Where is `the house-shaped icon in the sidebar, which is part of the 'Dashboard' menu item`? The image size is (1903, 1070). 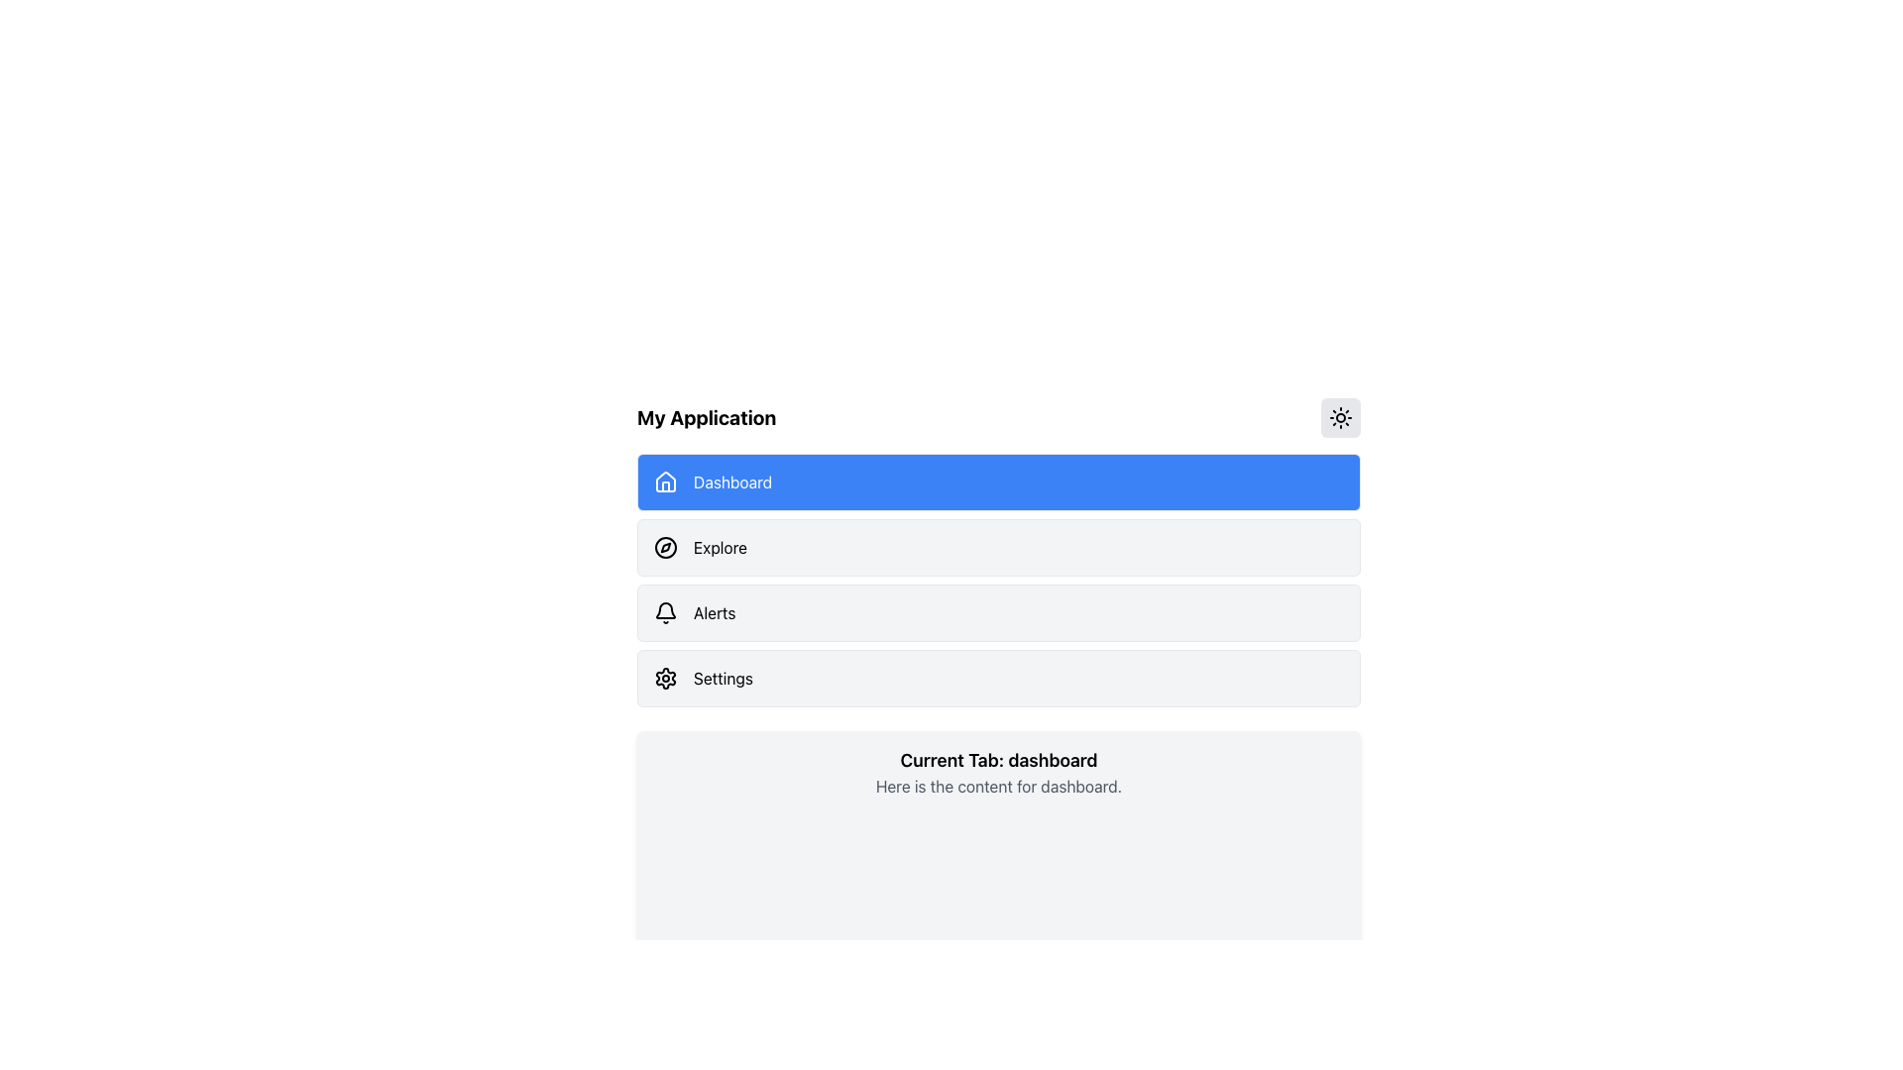 the house-shaped icon in the sidebar, which is part of the 'Dashboard' menu item is located at coordinates (666, 481).